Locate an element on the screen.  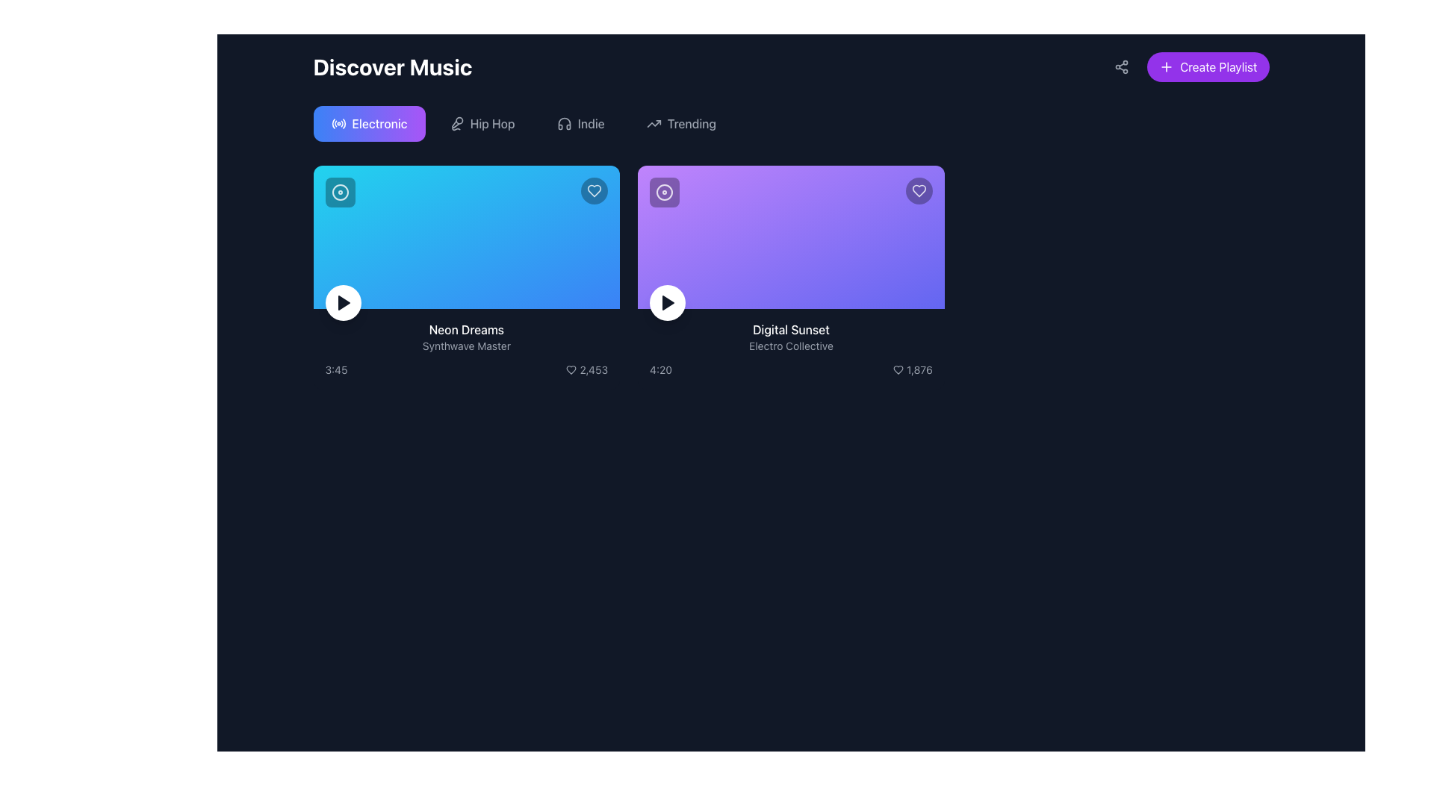
keyboard navigation is located at coordinates (580, 122).